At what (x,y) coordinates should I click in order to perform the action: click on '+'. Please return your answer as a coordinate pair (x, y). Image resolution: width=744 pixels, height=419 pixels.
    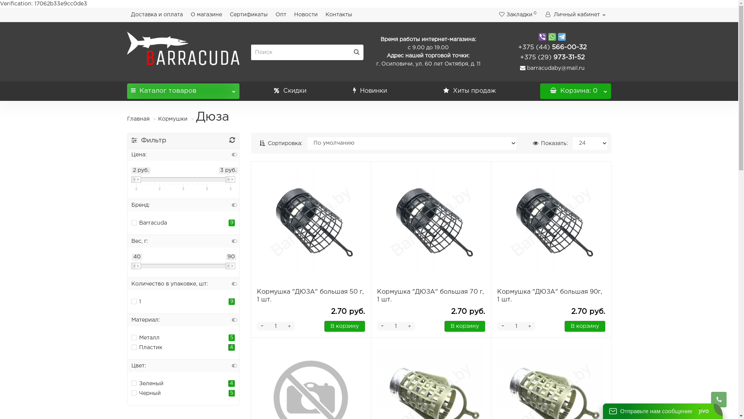
    Looking at the image, I should click on (289, 326).